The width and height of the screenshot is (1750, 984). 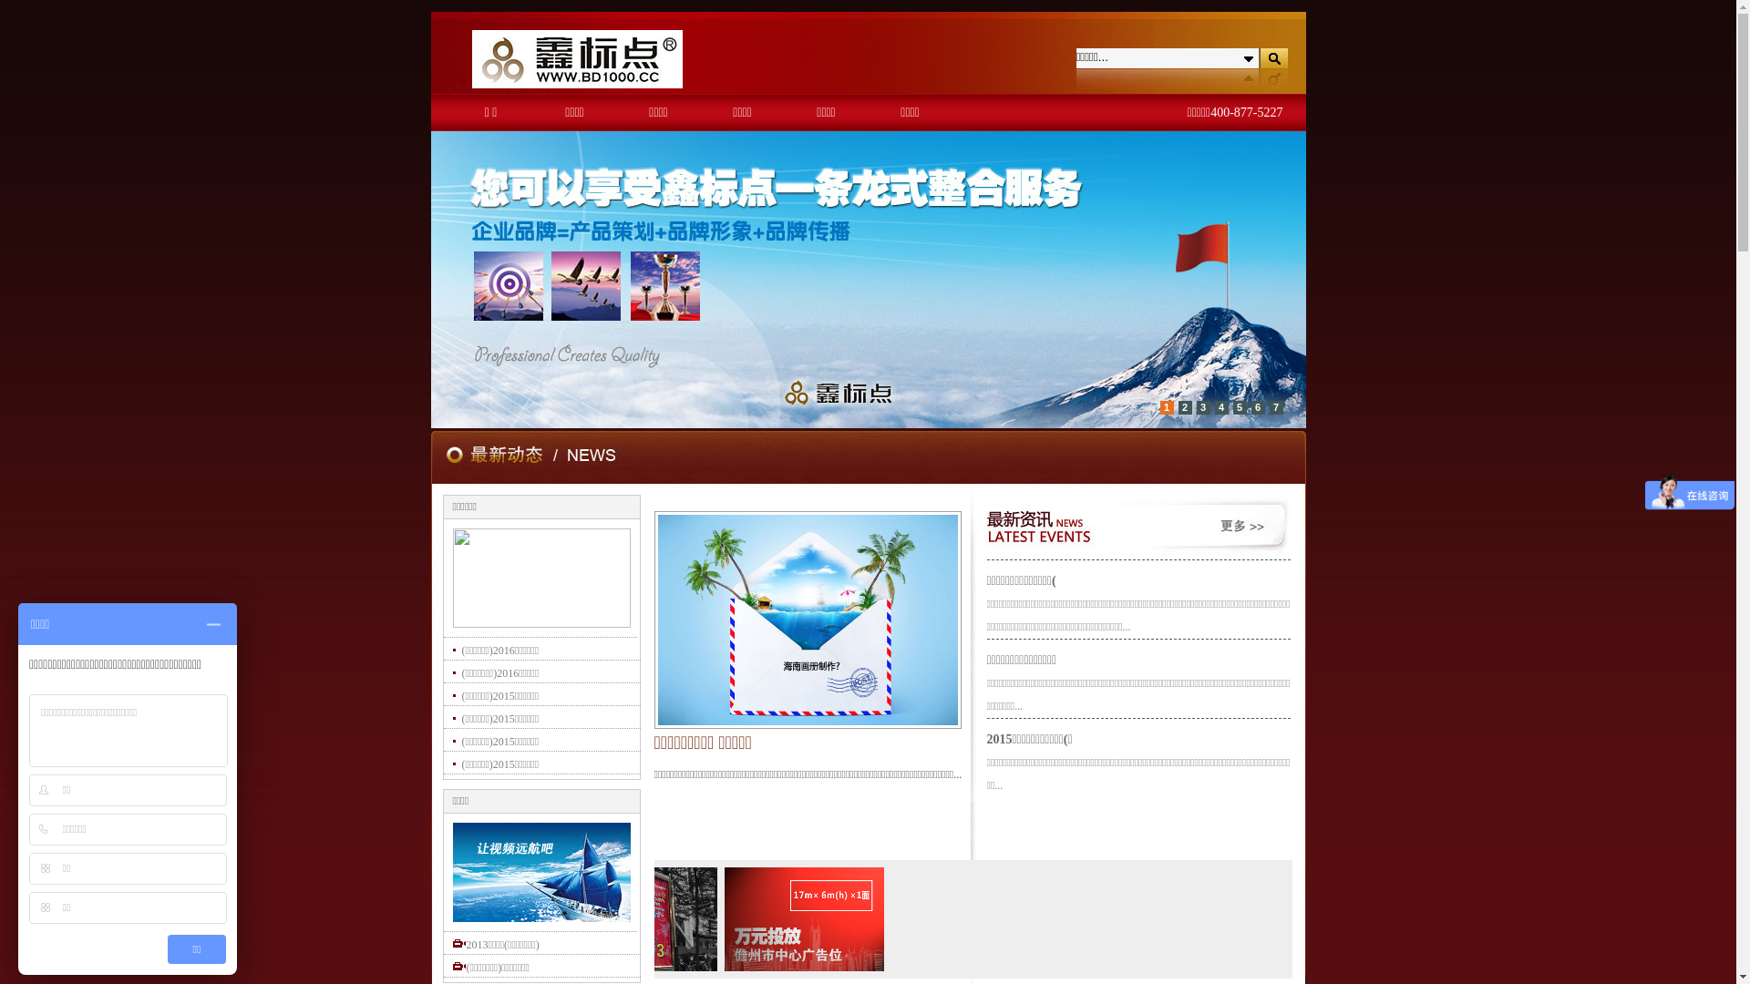 What do you see at coordinates (1239, 406) in the screenshot?
I see `'5'` at bounding box center [1239, 406].